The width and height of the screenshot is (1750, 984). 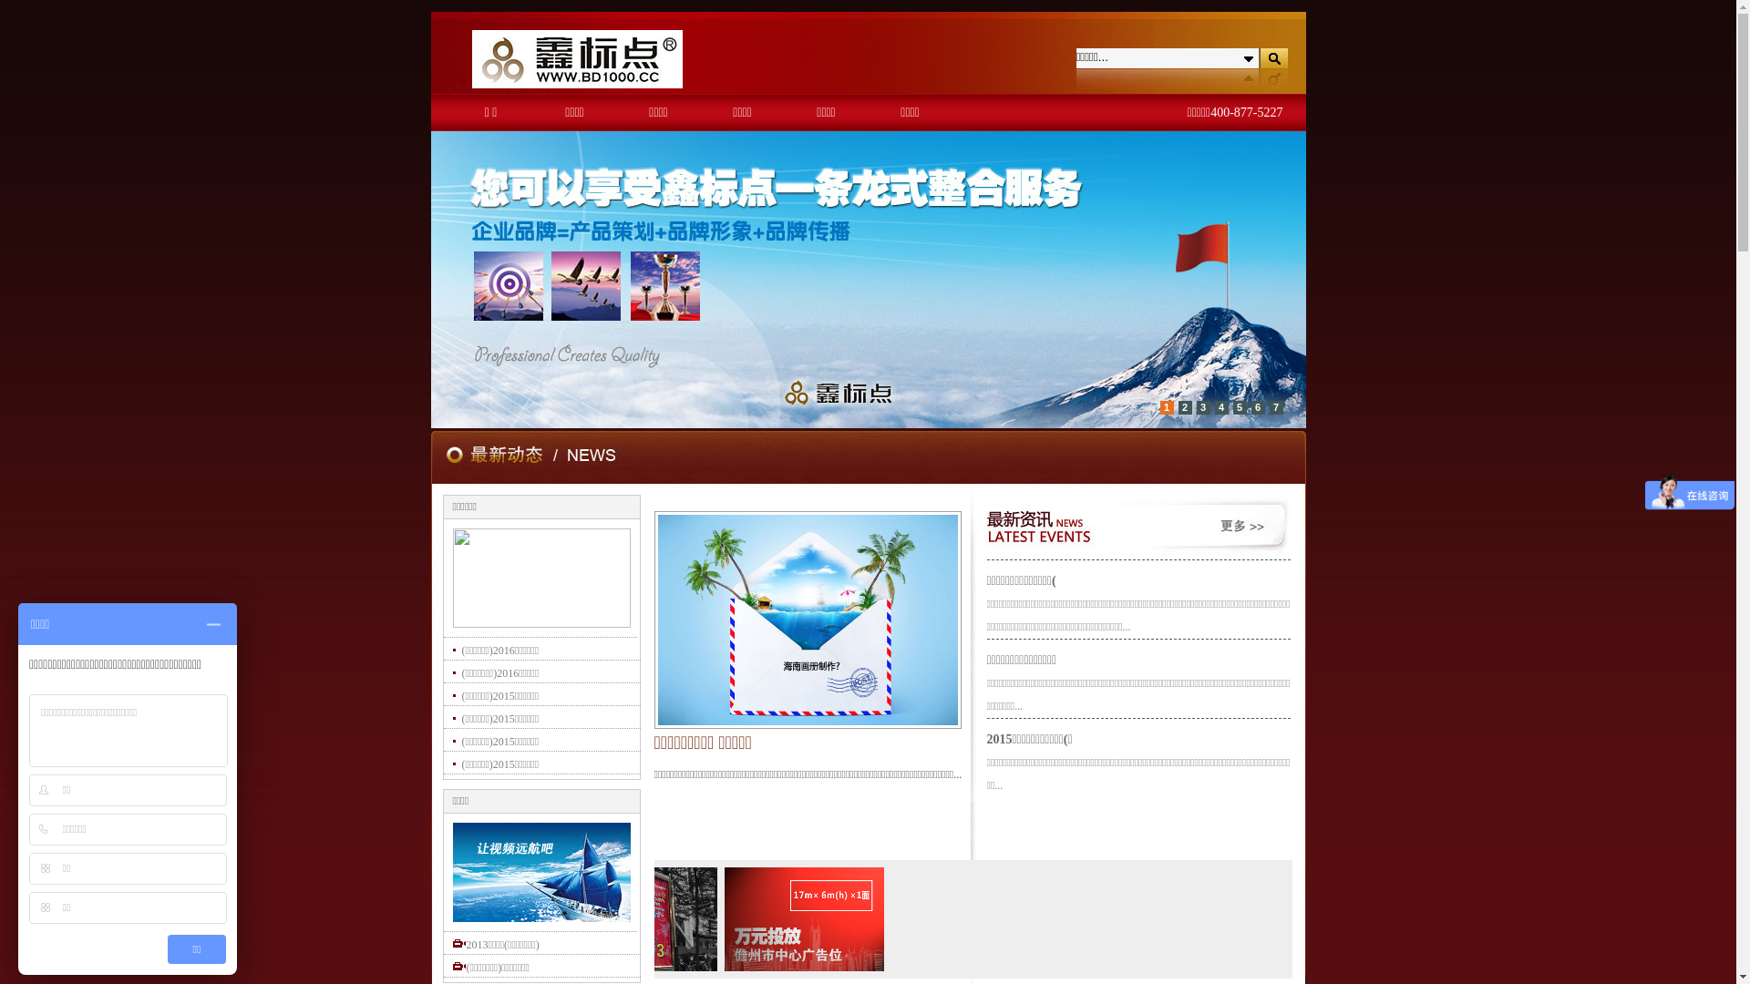 What do you see at coordinates (1239, 406) in the screenshot?
I see `'5'` at bounding box center [1239, 406].